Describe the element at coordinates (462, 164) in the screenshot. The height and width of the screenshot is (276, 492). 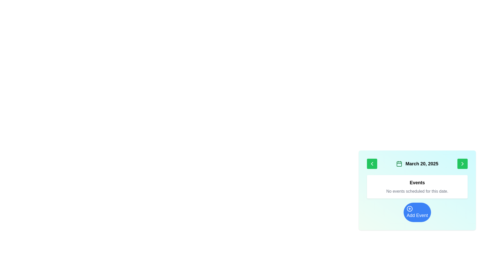
I see `the rightward-pointing arrow icon in the top-right corner of the calendar interface, which is used for navigation to the next item` at that location.